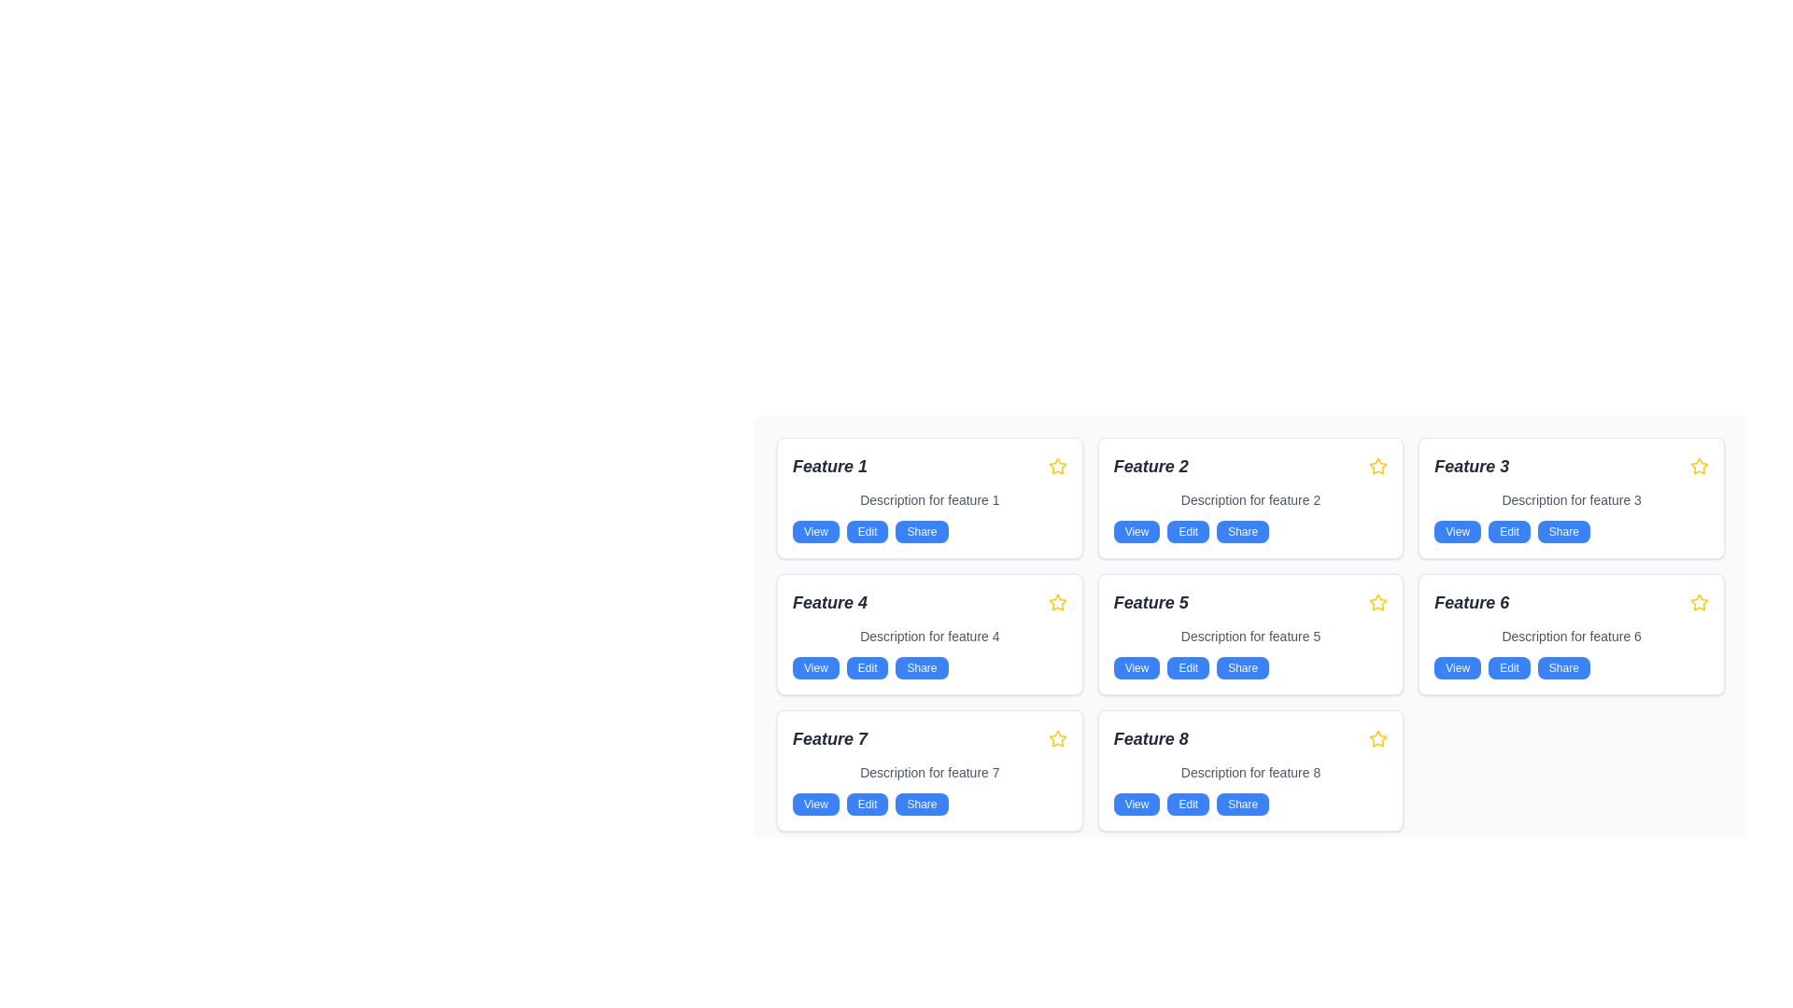 The width and height of the screenshot is (1793, 1008). I want to click on the star icon located in the top-right corner of the card labeled 'Feature 1', so click(1057, 466).